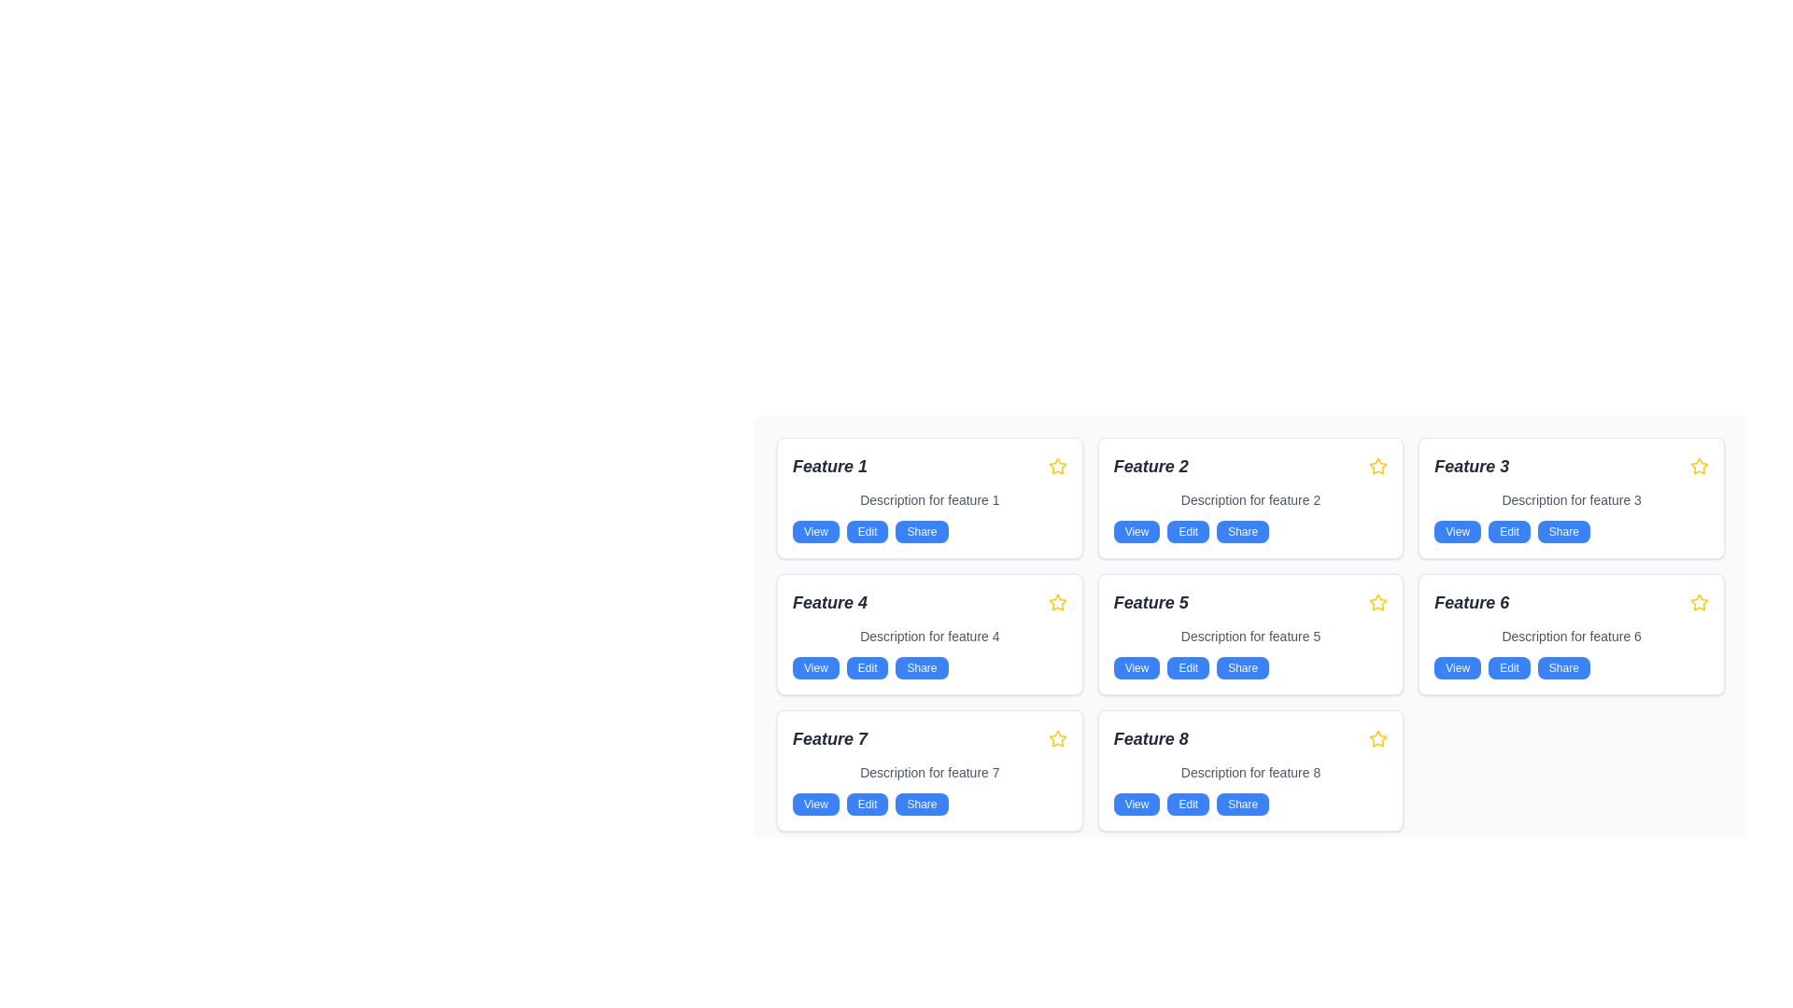 The width and height of the screenshot is (1793, 1008). I want to click on the star icon located in the top-right corner of the card labeled 'Feature 1', so click(1057, 466).